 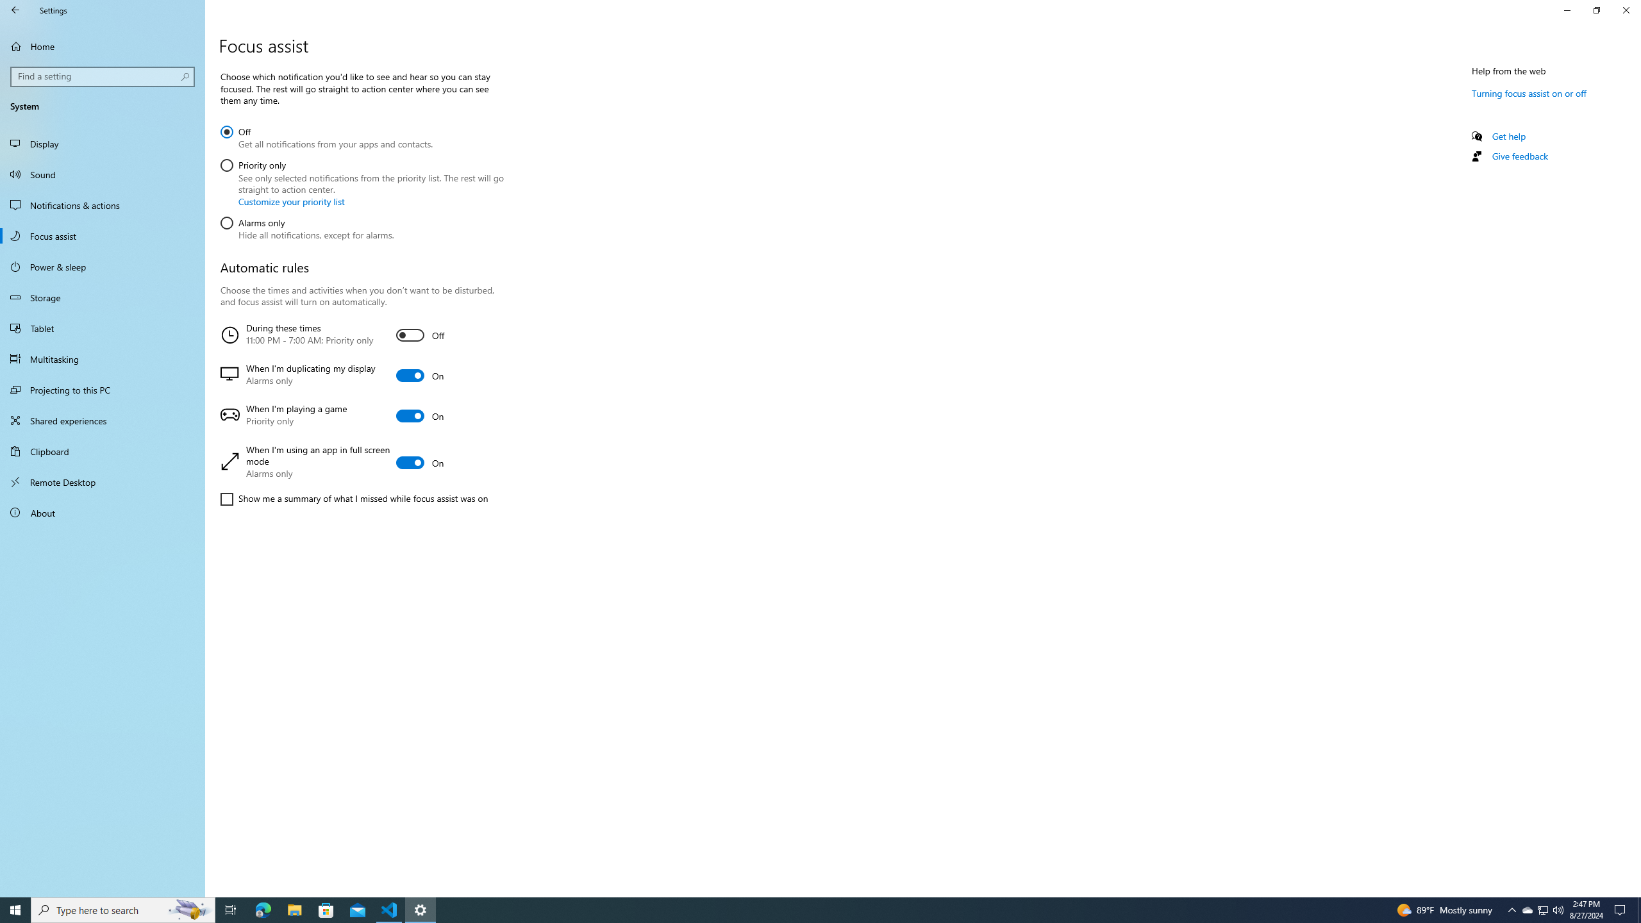 What do you see at coordinates (1622, 909) in the screenshot?
I see `'Action Center, No new notifications'` at bounding box center [1622, 909].